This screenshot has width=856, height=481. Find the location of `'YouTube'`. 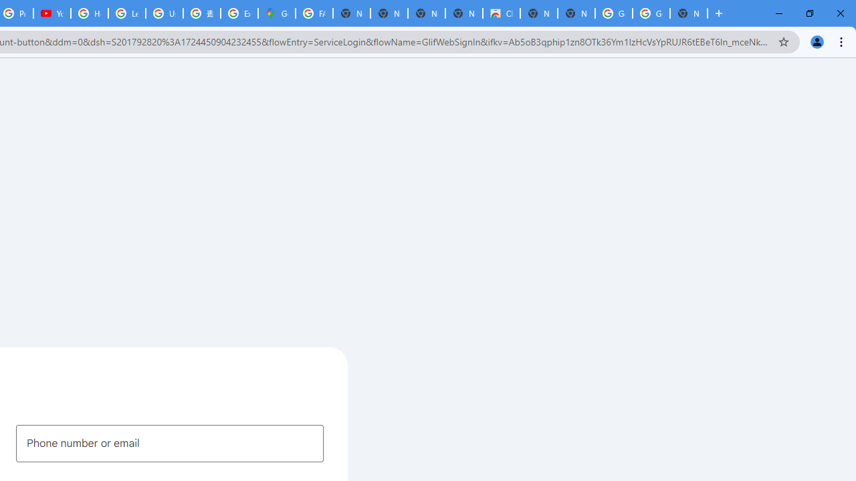

'YouTube' is located at coordinates (52, 13).